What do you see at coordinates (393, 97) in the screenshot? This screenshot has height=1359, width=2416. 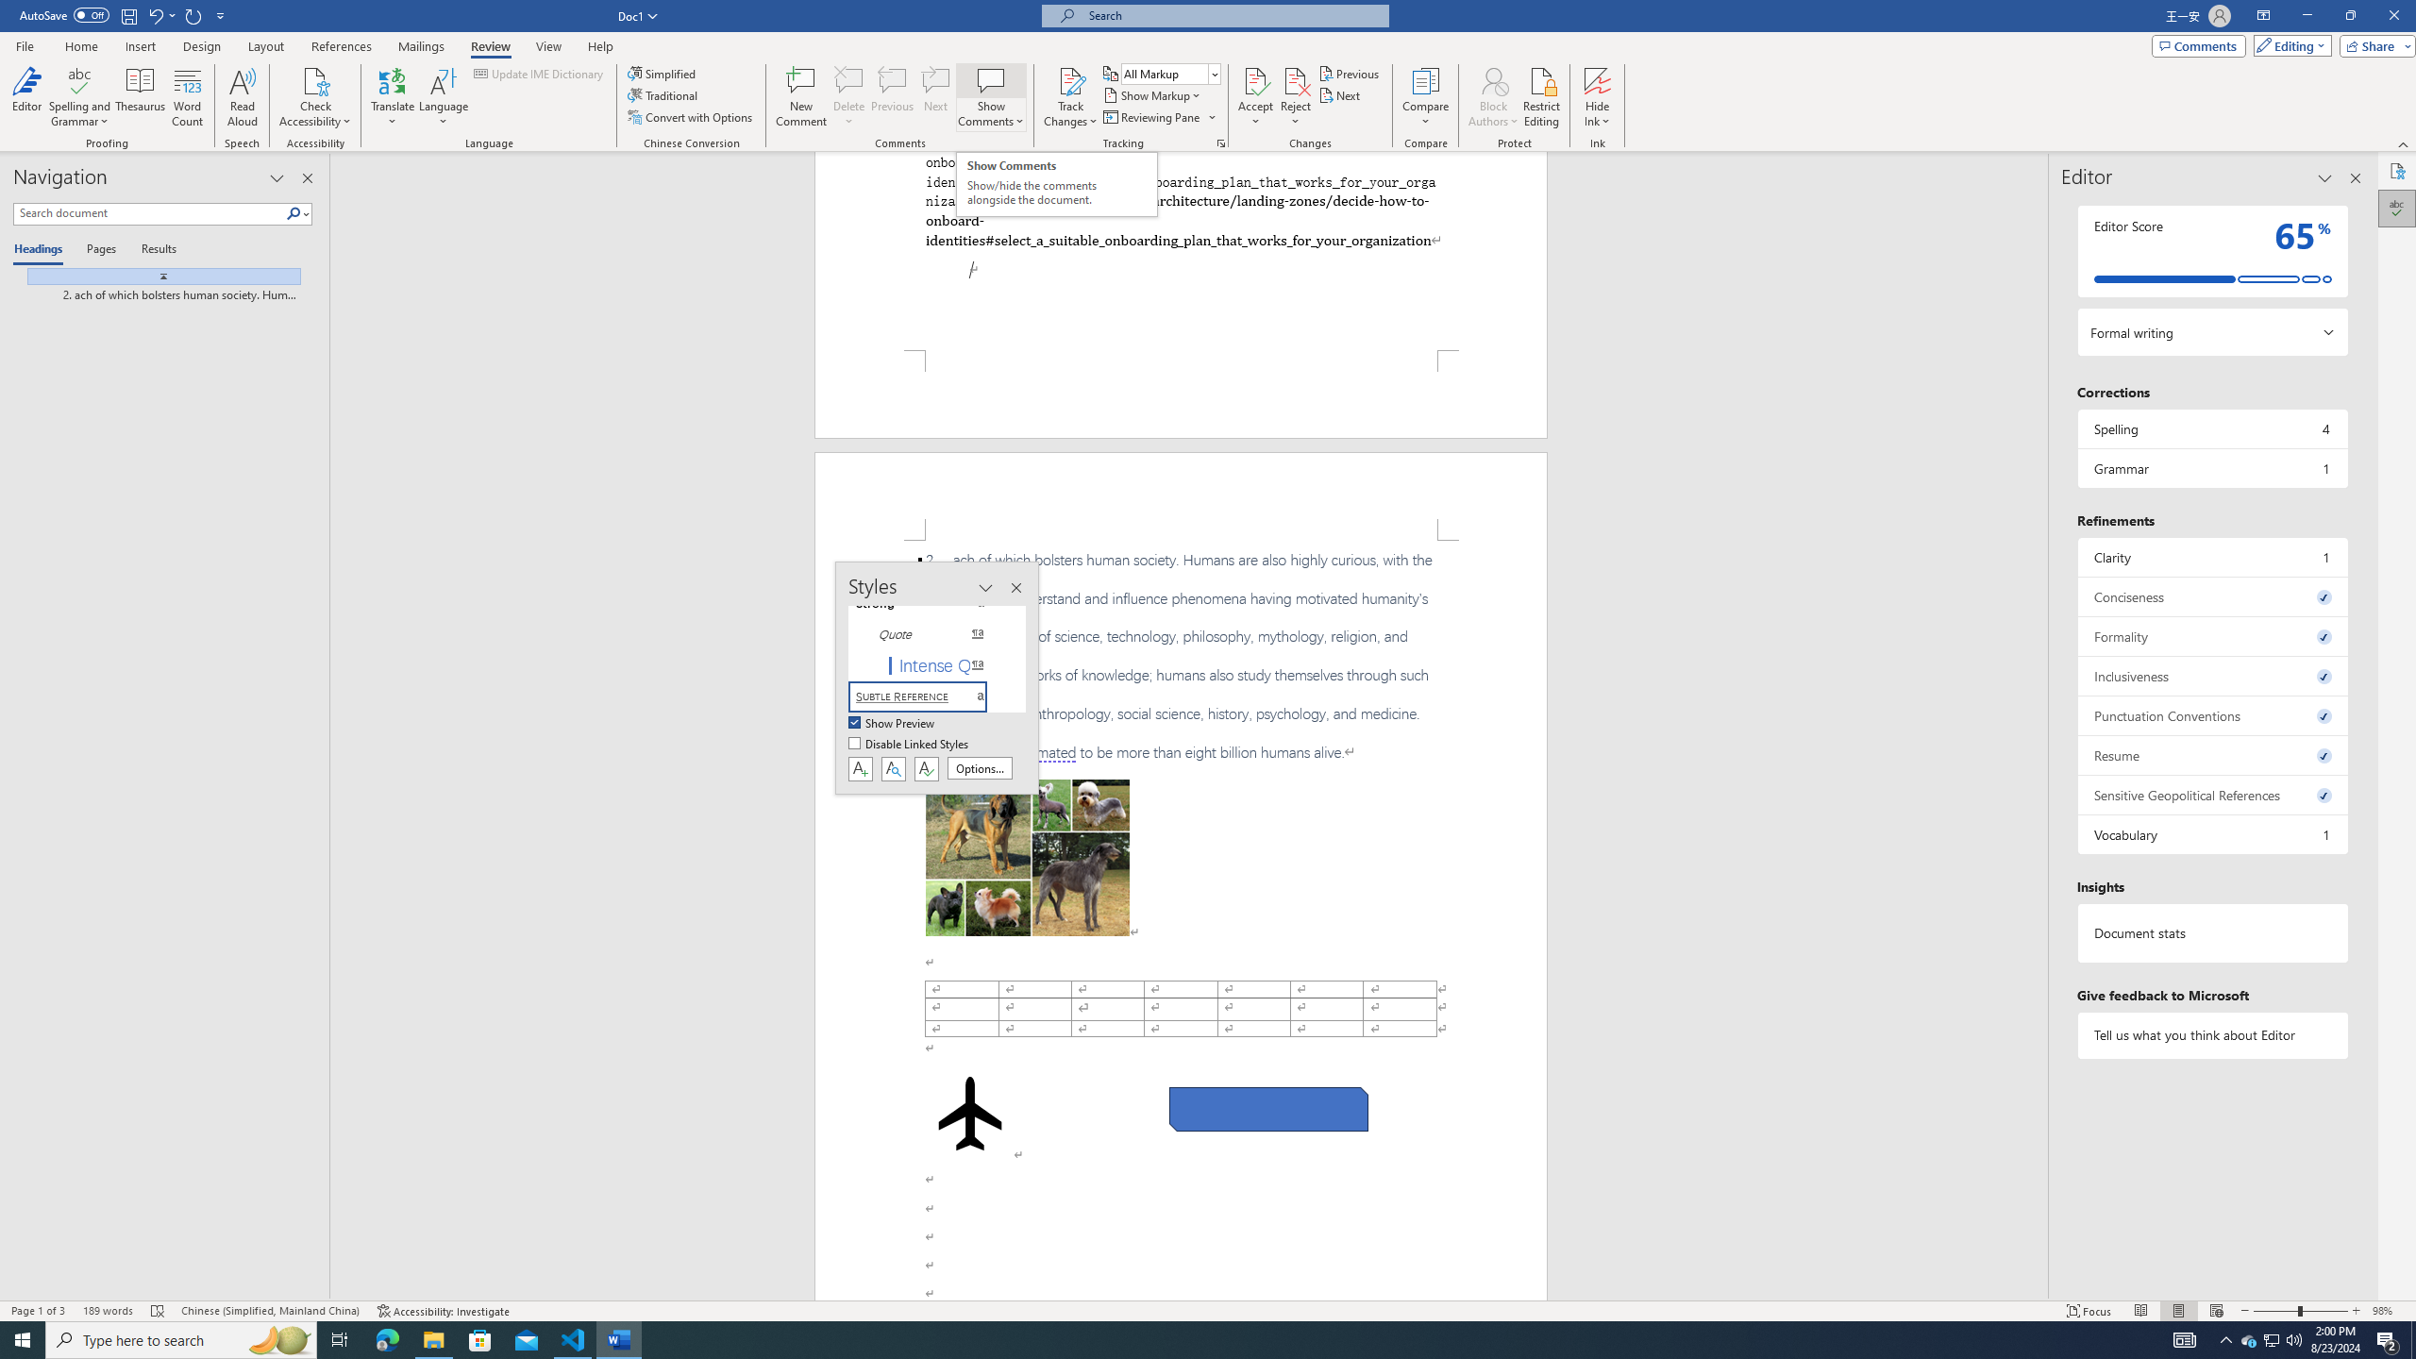 I see `'Translate'` at bounding box center [393, 97].